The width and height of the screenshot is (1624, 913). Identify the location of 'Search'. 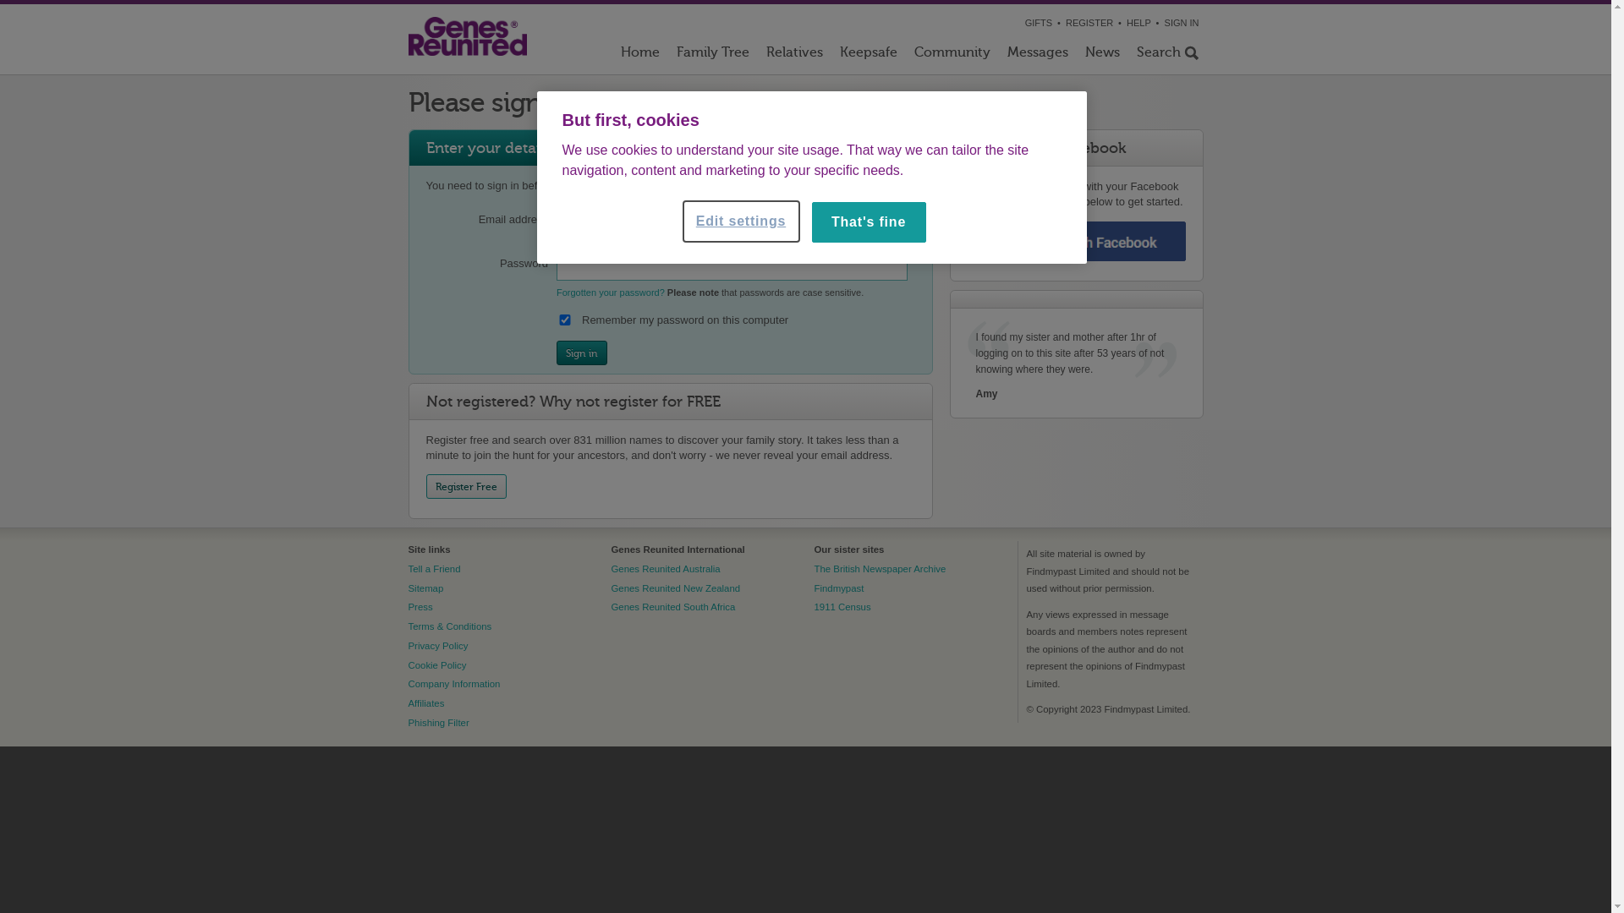
(1128, 55).